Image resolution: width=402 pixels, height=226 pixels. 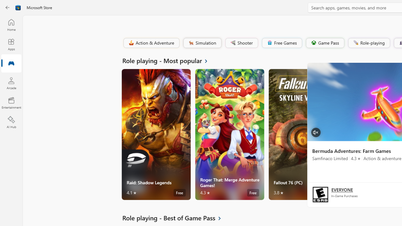 I want to click on 'See all  Role playing - Best of Game Pass', so click(x=175, y=218).